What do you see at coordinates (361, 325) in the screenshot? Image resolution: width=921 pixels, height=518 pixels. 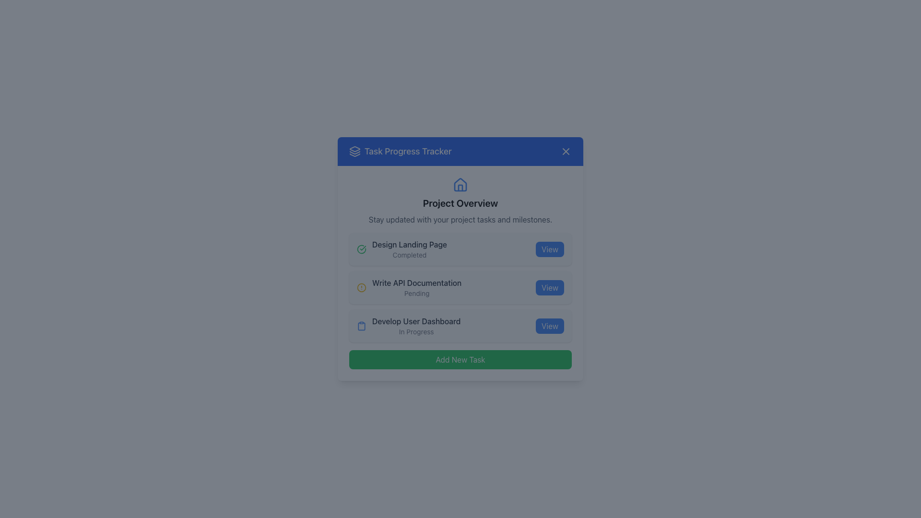 I see `the clipboard icon located at the start of the list item titled 'Develop User Dashboard' under the 'Task Progress Tracker' card` at bounding box center [361, 325].